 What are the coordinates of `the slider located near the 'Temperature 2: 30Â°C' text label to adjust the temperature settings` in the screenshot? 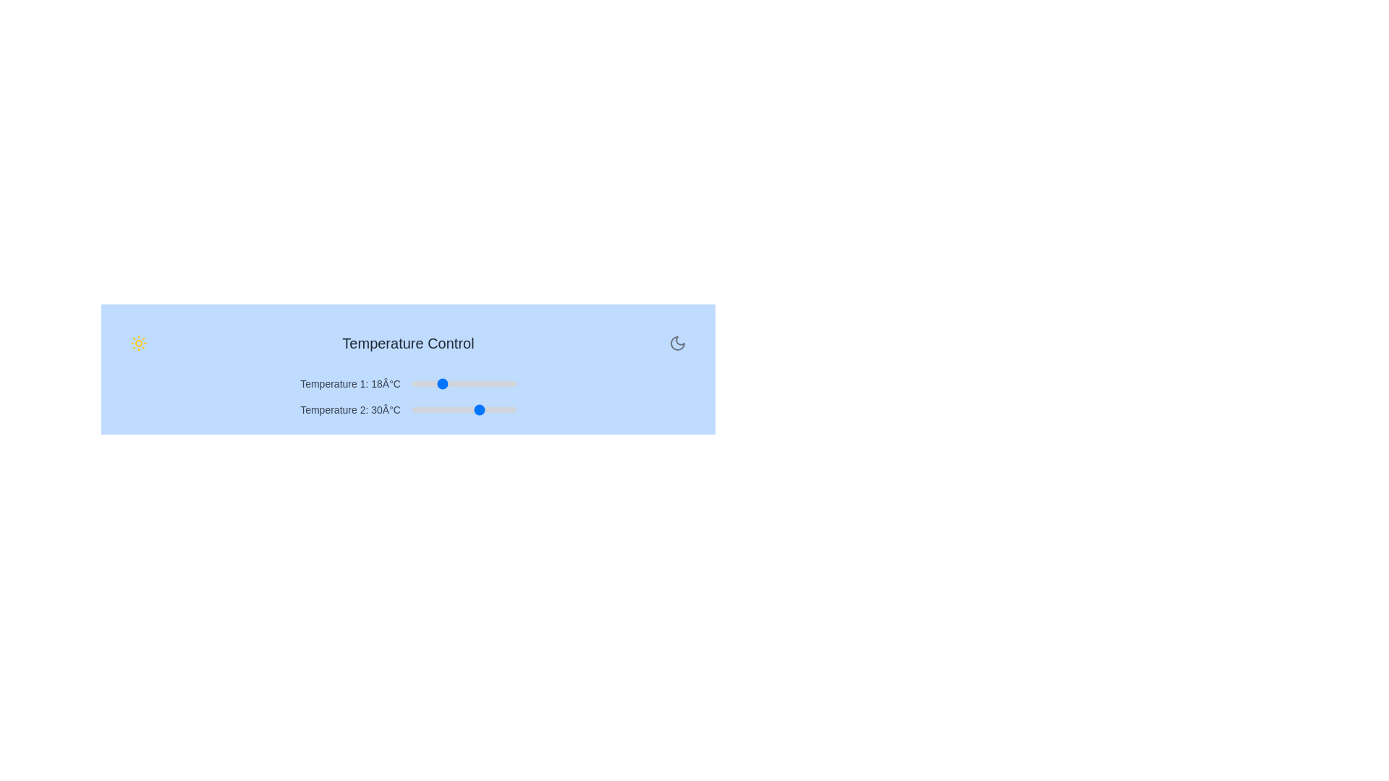 It's located at (350, 410).